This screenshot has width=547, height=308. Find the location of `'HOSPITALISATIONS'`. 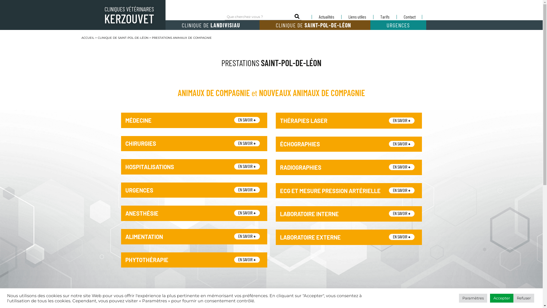

'HOSPITALISATIONS' is located at coordinates (150, 167).